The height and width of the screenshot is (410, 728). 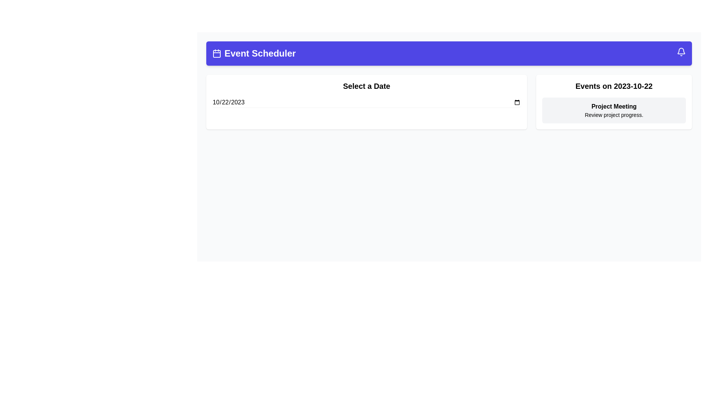 I want to click on the date input field located under the 'Select a Date' title to focus on it, so click(x=366, y=102).